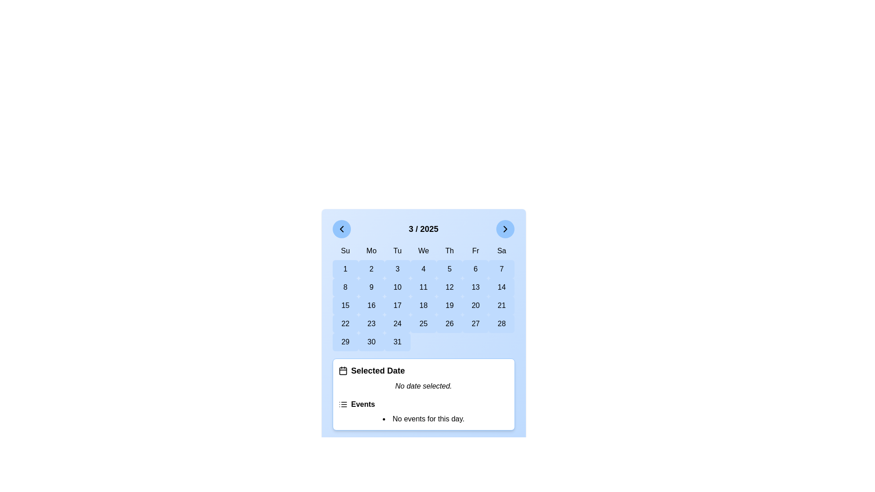  I want to click on the button with a light blue background and centered text '30' to observe the background color change, so click(371, 342).